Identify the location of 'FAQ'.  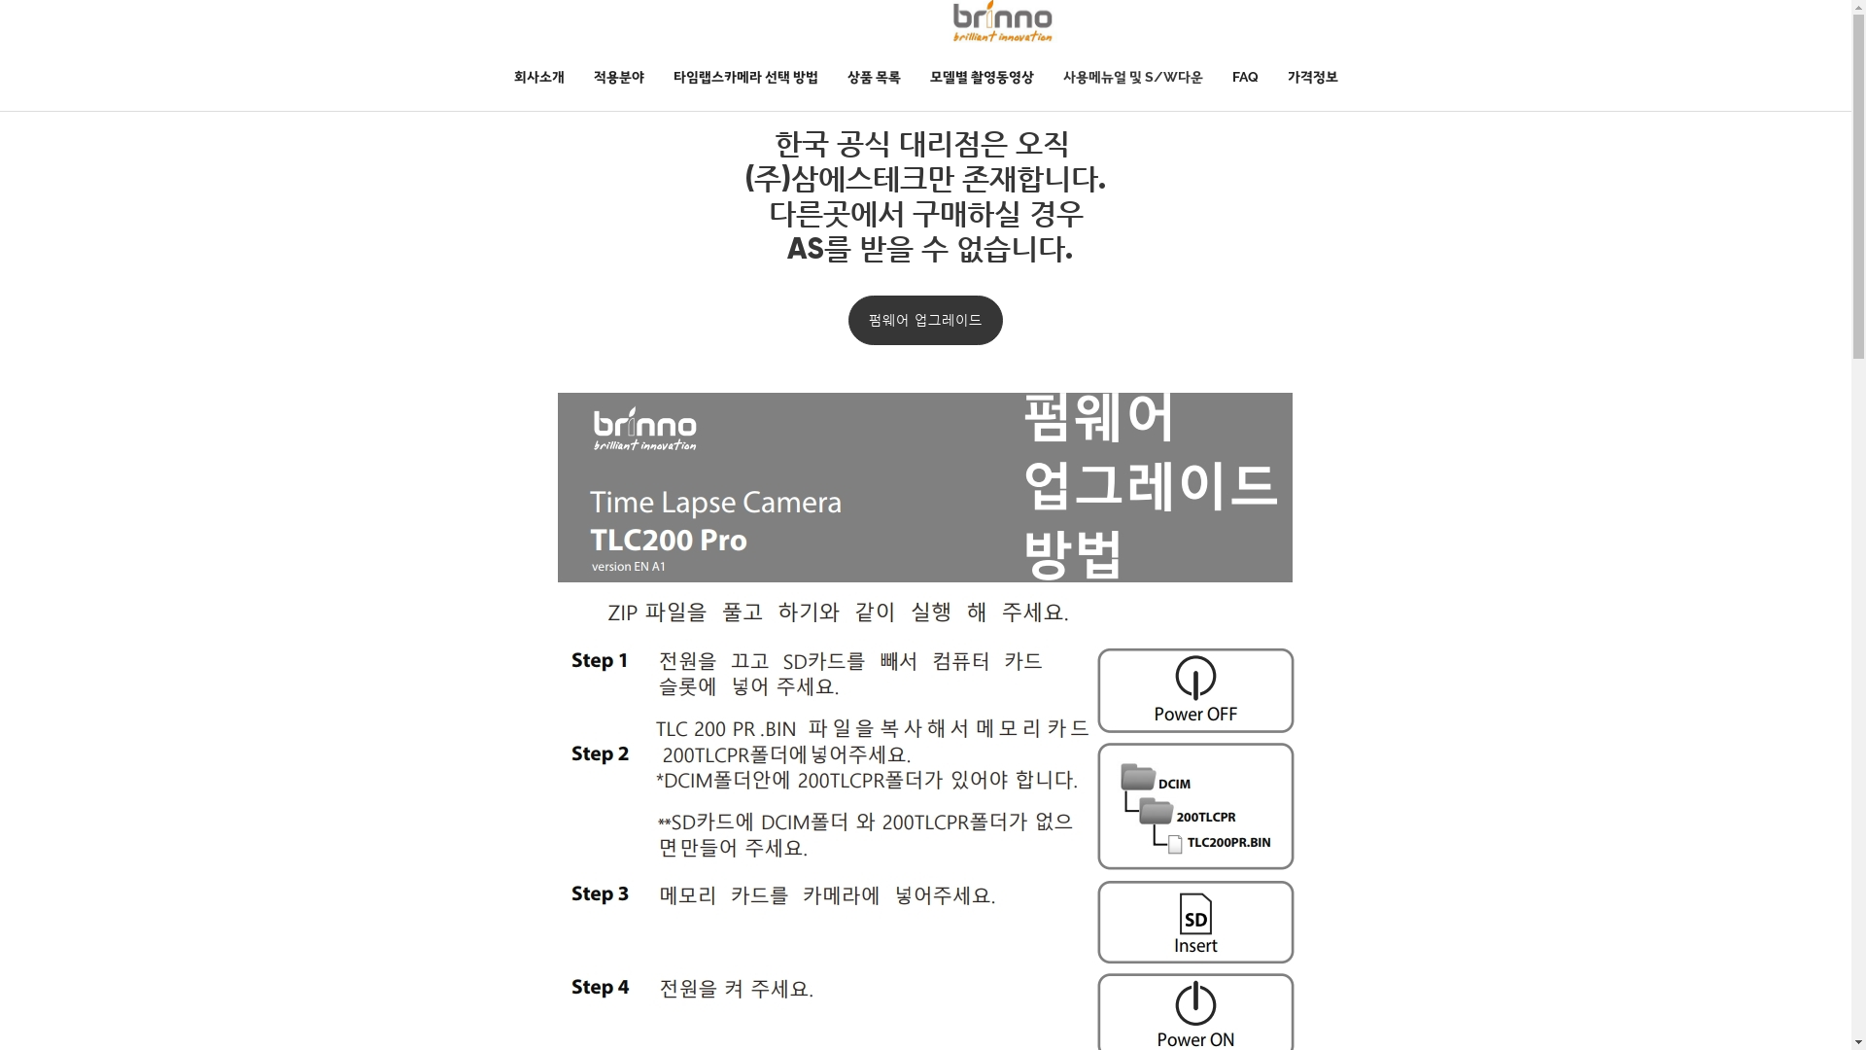
(1216, 75).